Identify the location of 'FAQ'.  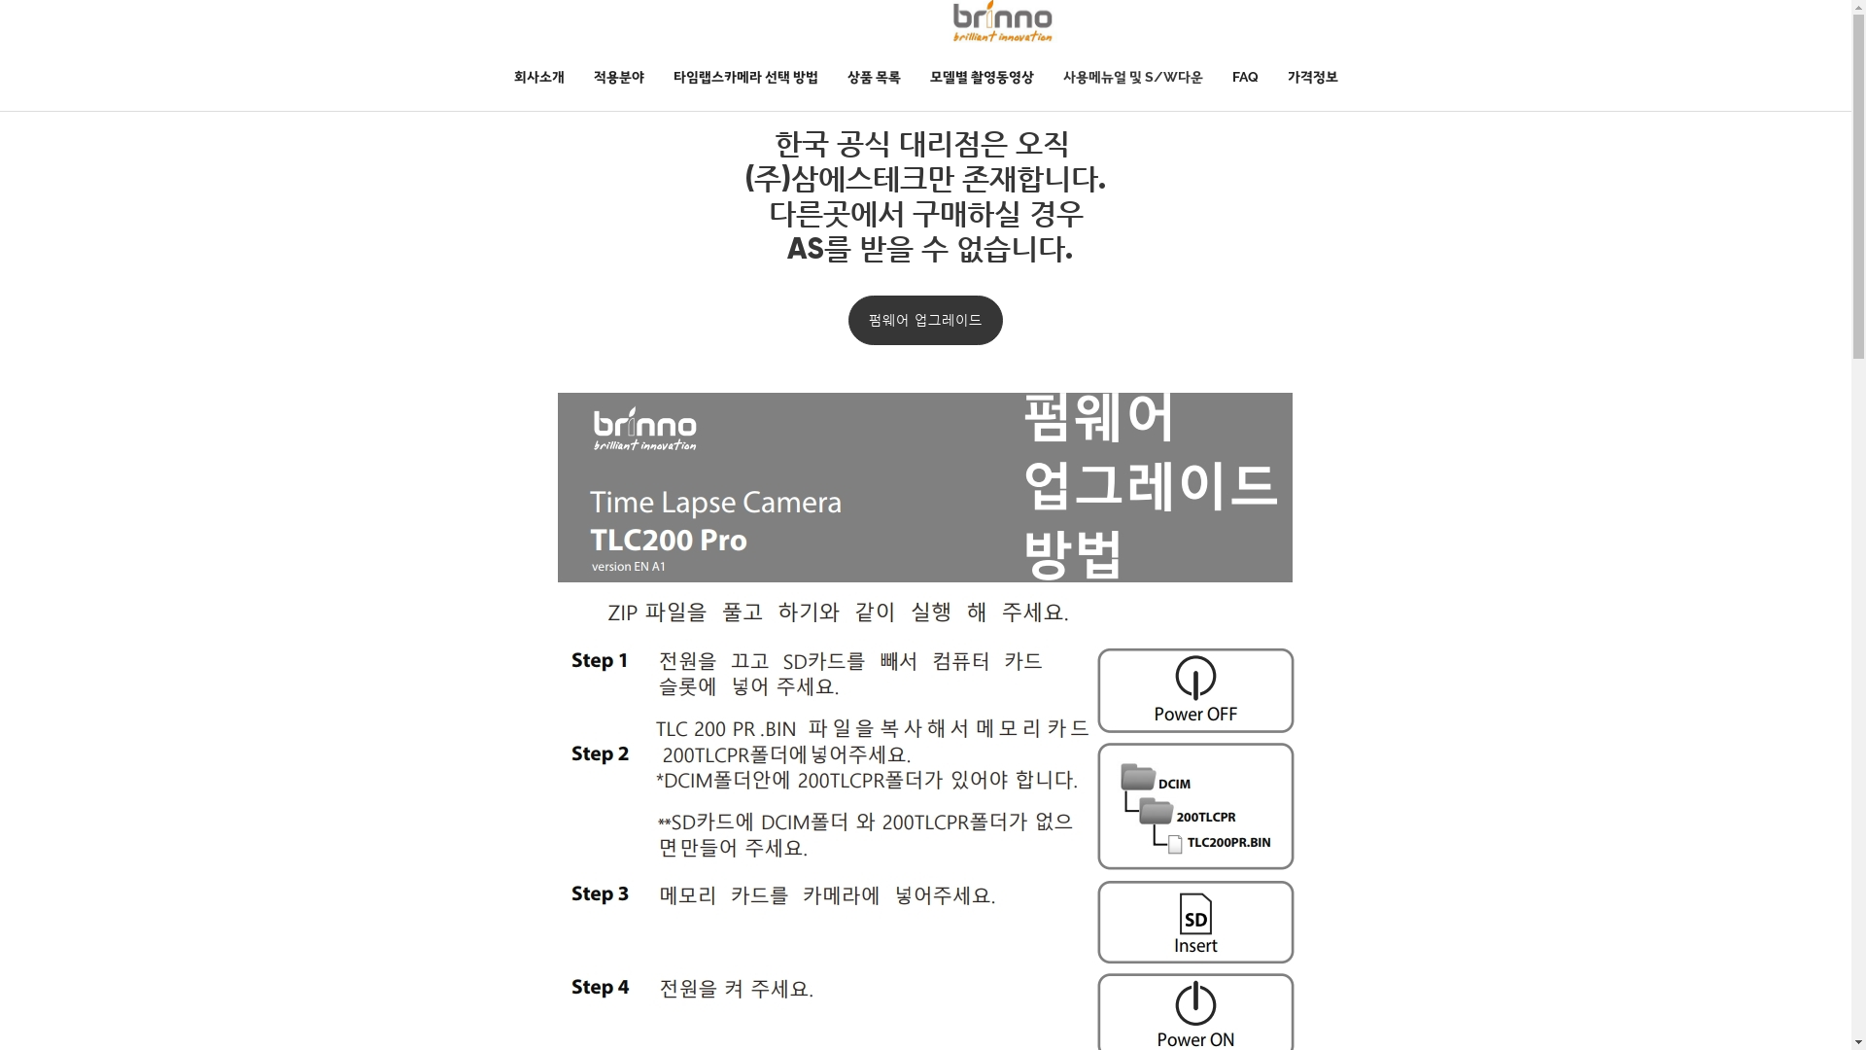
(1216, 75).